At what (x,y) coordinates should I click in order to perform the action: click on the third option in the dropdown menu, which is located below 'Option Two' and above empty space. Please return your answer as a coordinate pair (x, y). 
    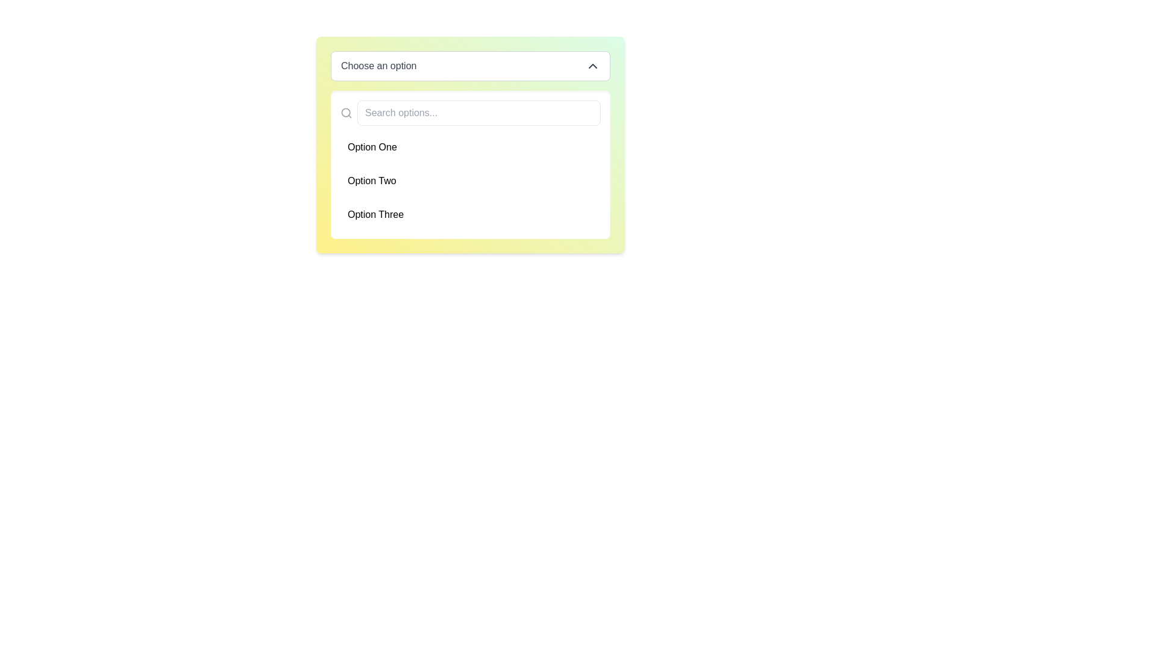
    Looking at the image, I should click on (375, 214).